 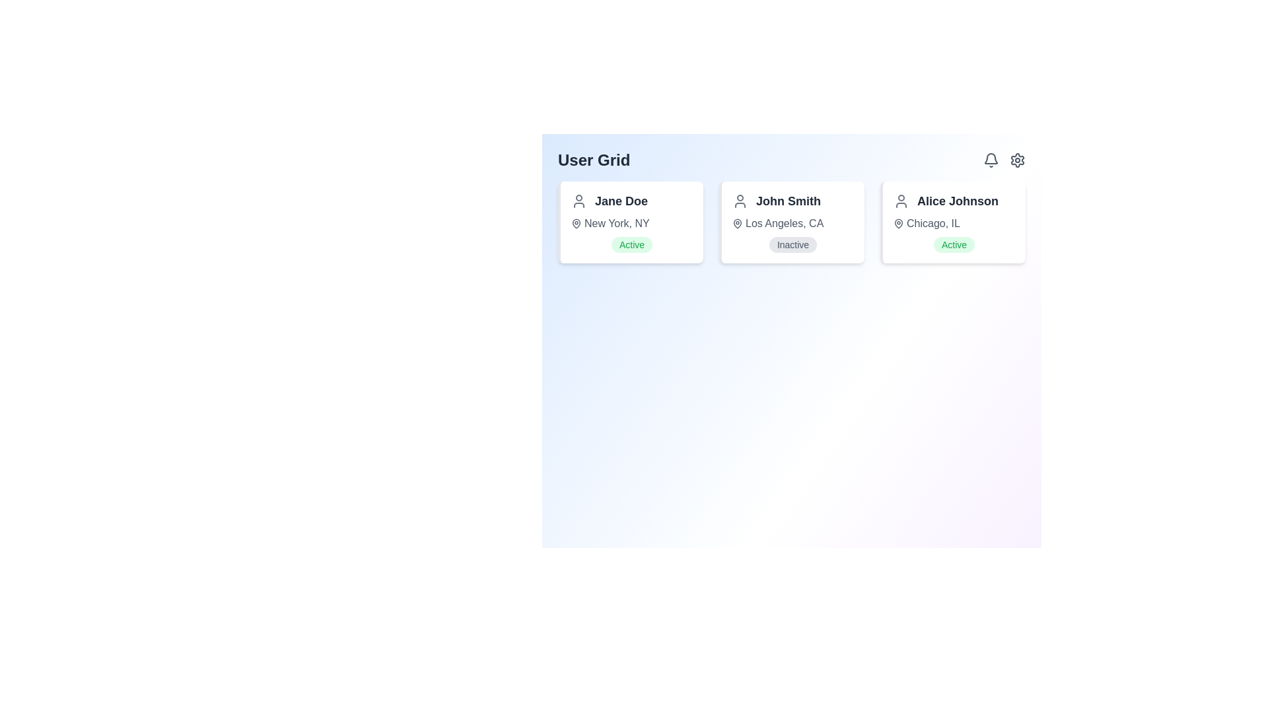 What do you see at coordinates (785, 223) in the screenshot?
I see `the text label displaying 'Los Angeles, CA' located within the card labeled 'John Smith', positioned beneath the name 'John Smith' and to the right of the pin icon` at bounding box center [785, 223].